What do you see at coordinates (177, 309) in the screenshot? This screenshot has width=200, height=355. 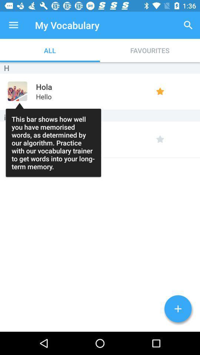 I see `the add icon` at bounding box center [177, 309].